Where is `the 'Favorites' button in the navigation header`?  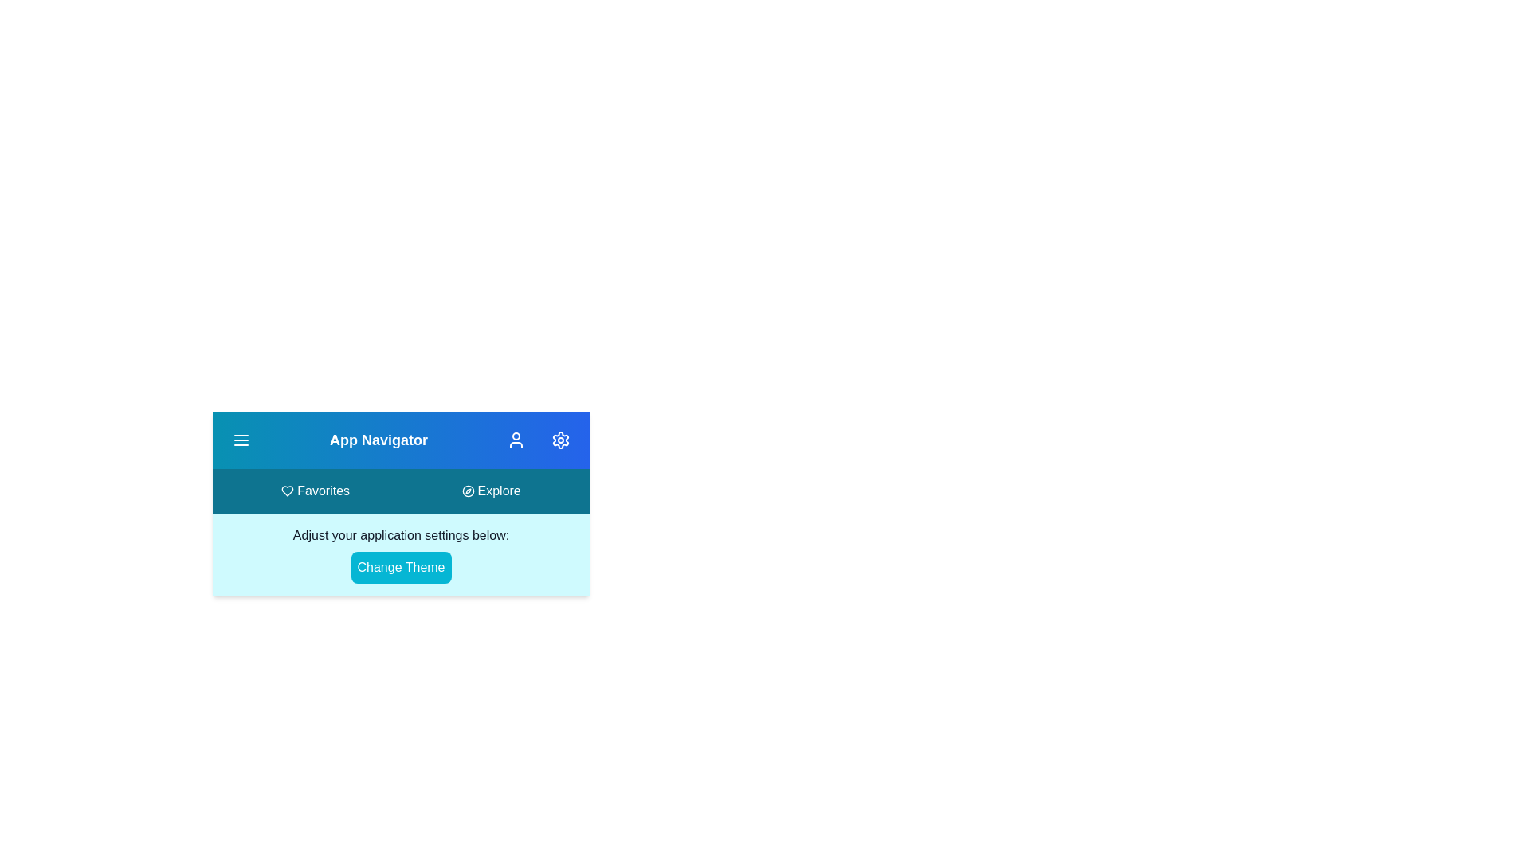 the 'Favorites' button in the navigation header is located at coordinates (316, 491).